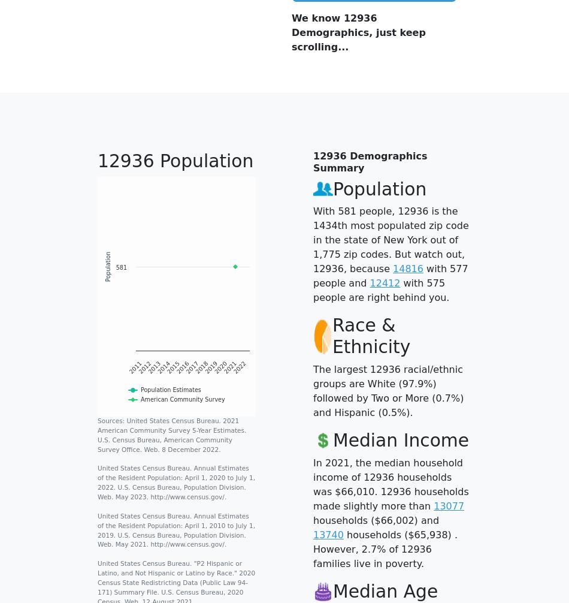  What do you see at coordinates (116, 463) in the screenshot?
I see `'Products & Services'` at bounding box center [116, 463].